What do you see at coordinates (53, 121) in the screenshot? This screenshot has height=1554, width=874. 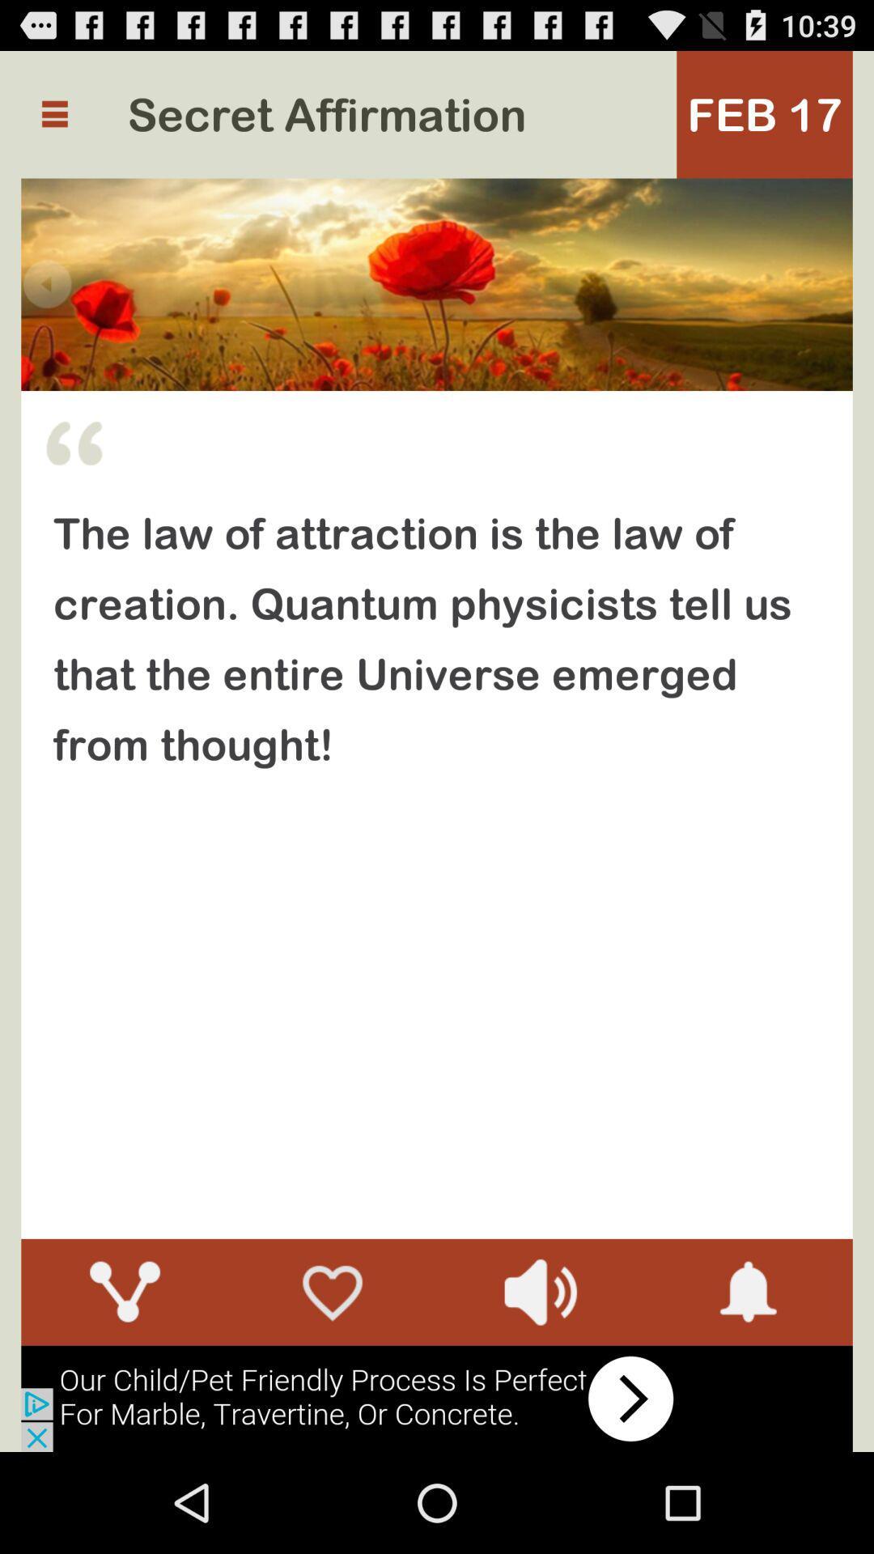 I see `the menu icon` at bounding box center [53, 121].